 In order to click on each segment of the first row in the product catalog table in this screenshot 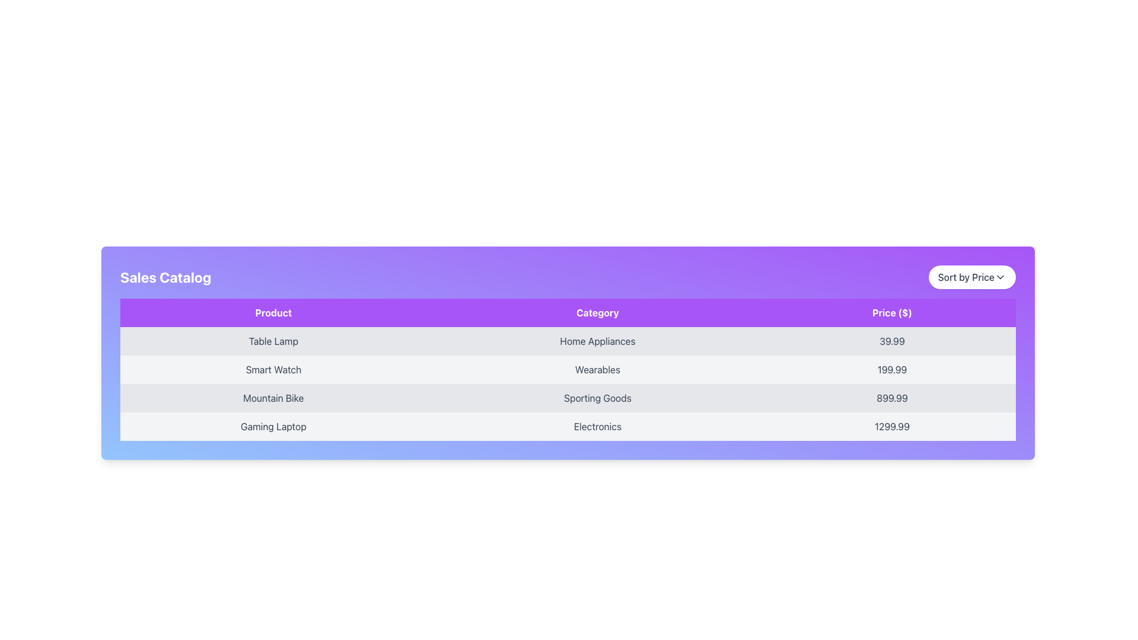, I will do `click(567, 341)`.